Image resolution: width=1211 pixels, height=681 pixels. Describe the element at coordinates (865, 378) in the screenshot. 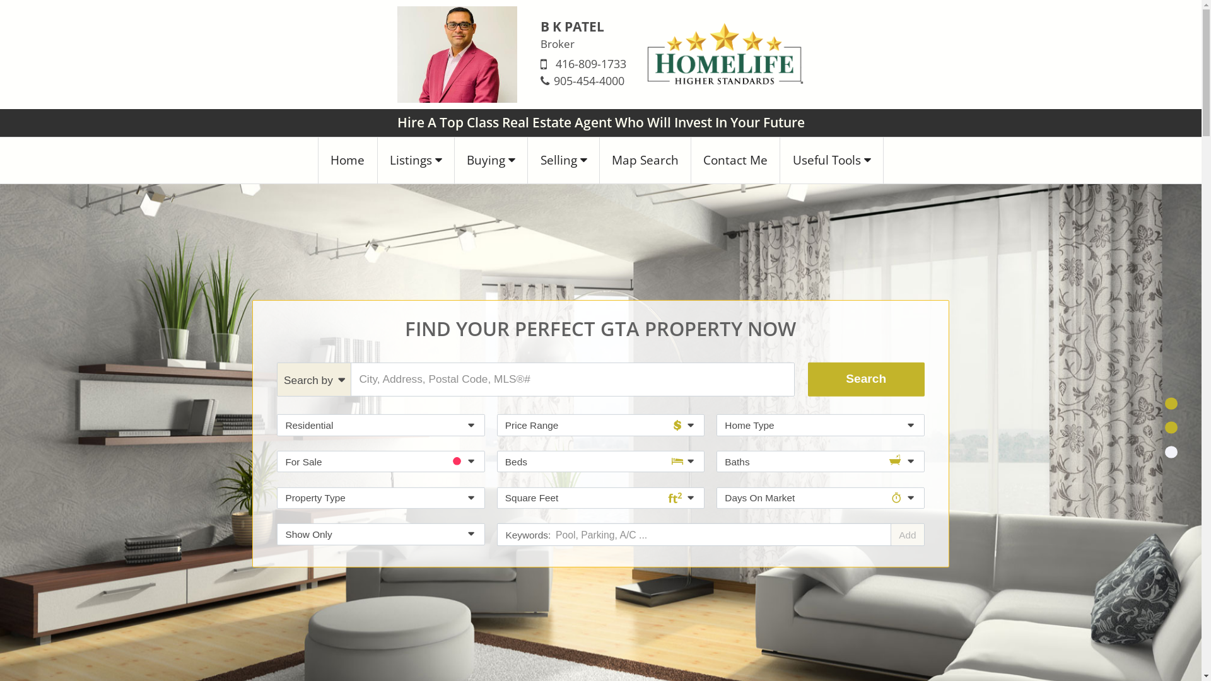

I see `'Search'` at that location.